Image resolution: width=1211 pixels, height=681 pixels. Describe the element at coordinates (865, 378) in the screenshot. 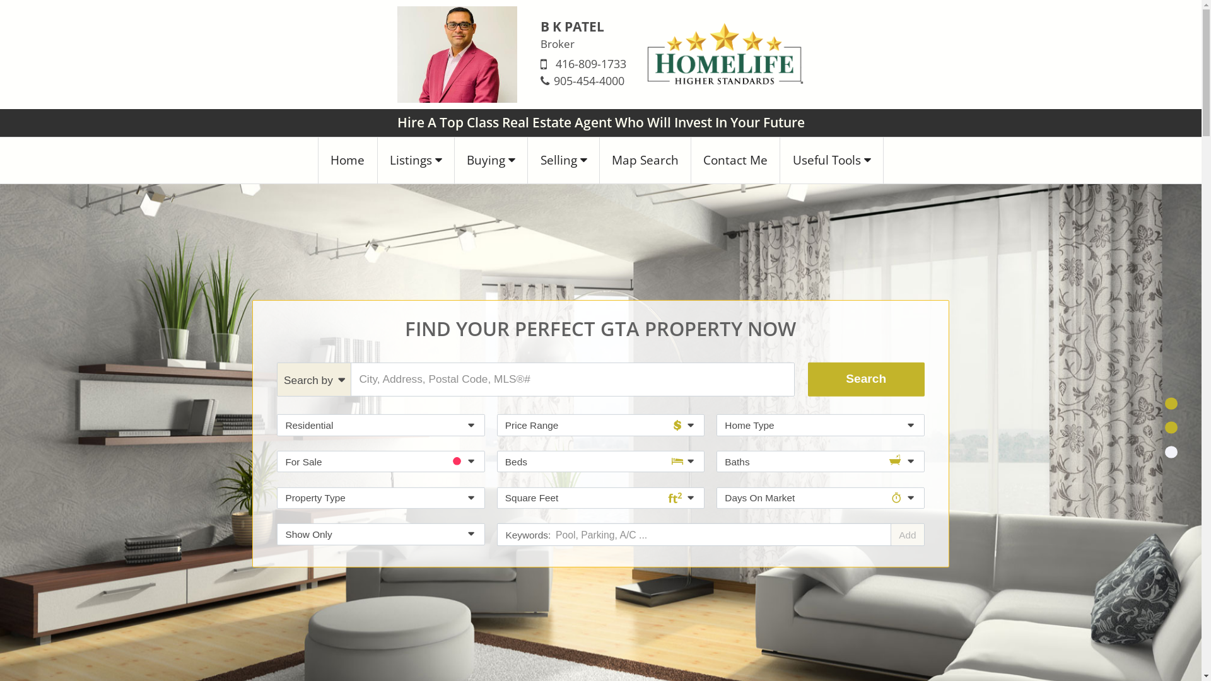

I see `'Search'` at that location.